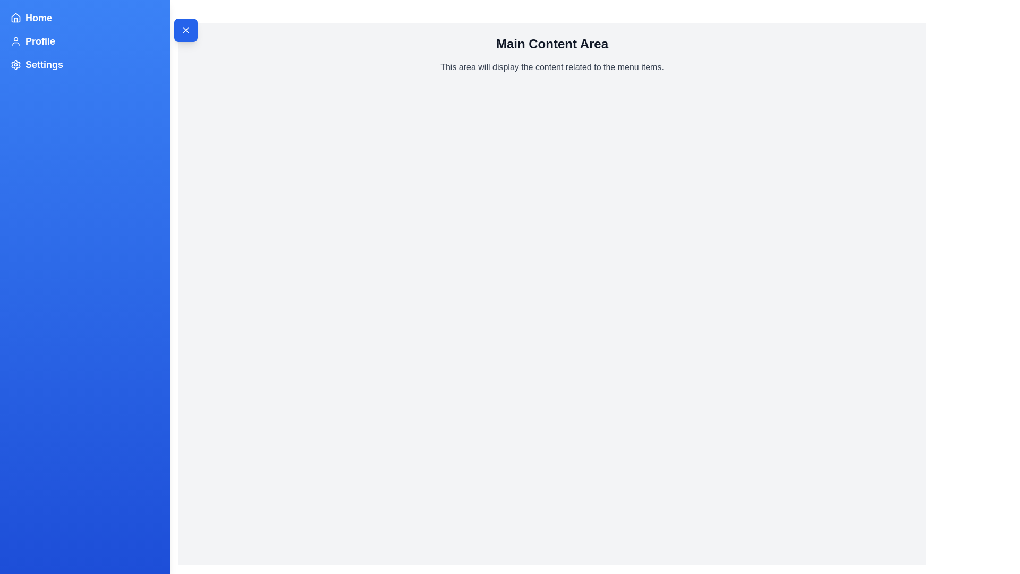  I want to click on the menu item Home in the sidebar, so click(84, 18).